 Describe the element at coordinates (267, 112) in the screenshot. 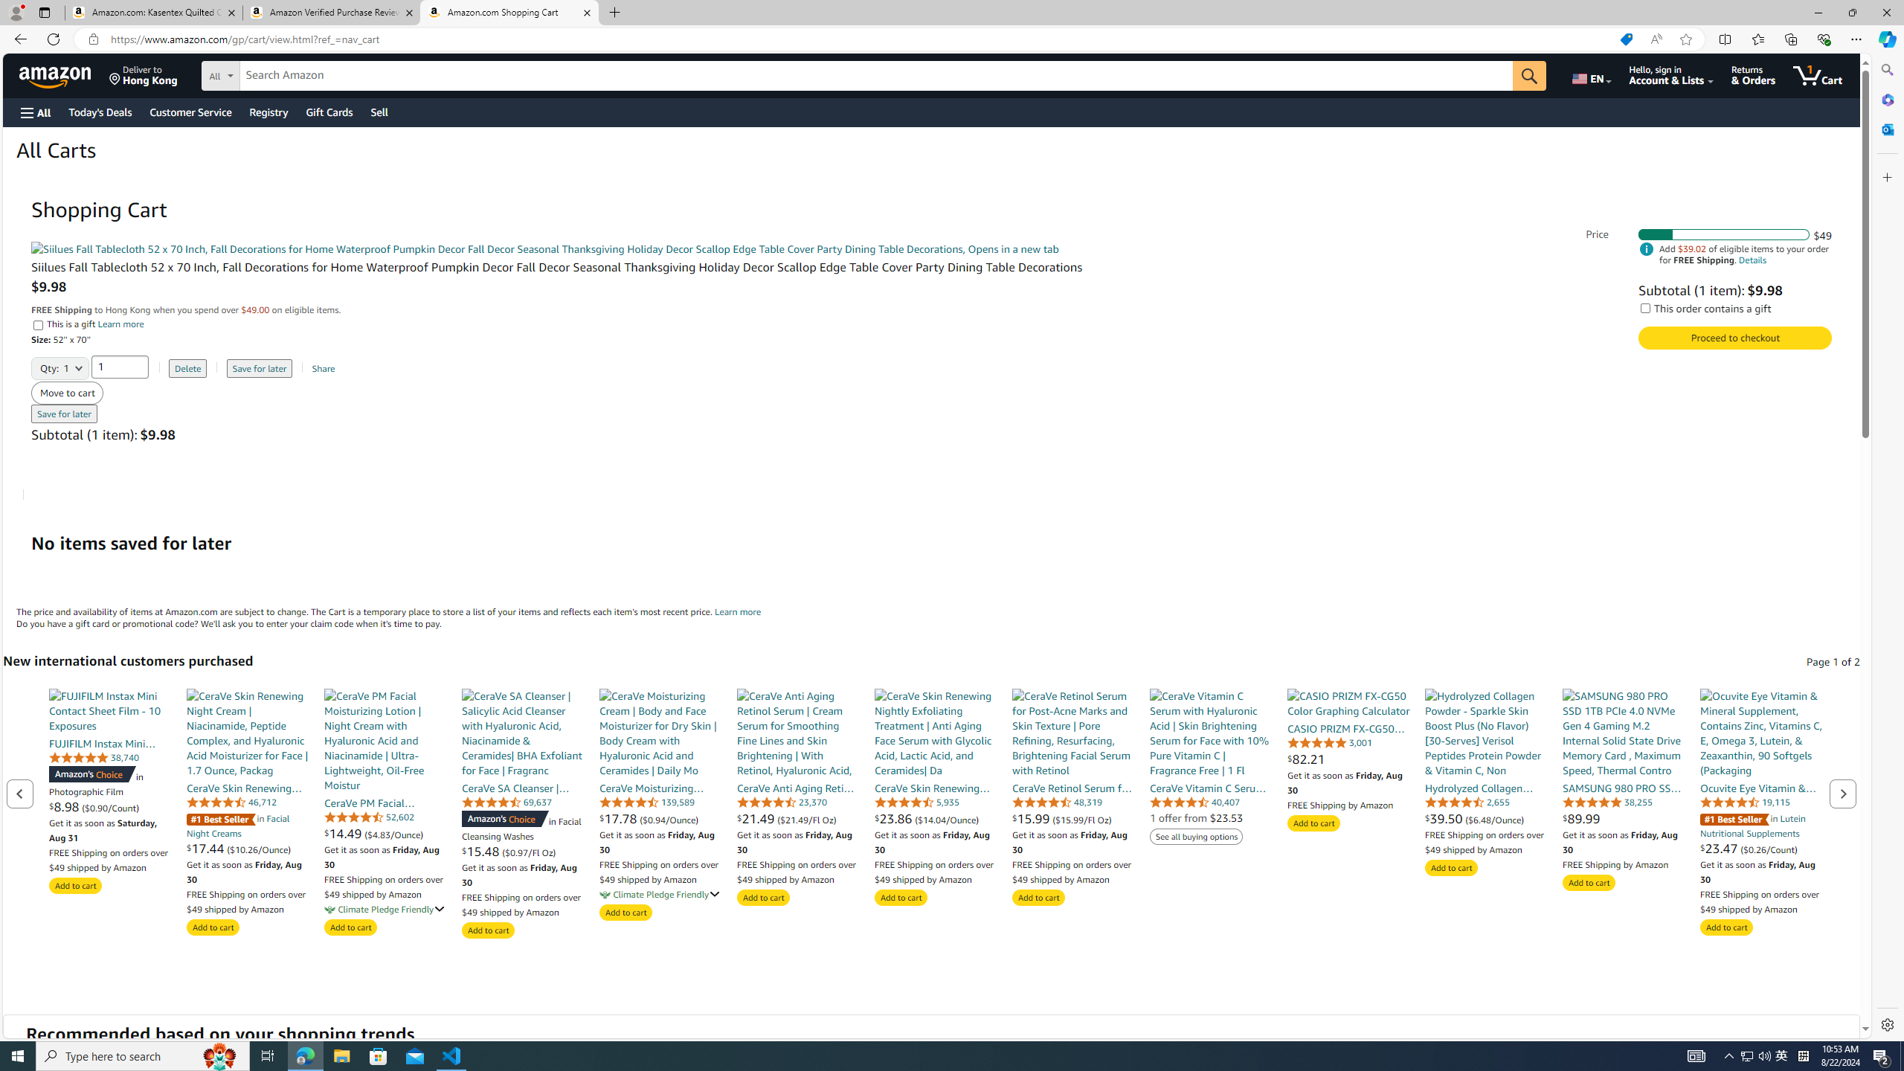

I see `'Registry'` at that location.